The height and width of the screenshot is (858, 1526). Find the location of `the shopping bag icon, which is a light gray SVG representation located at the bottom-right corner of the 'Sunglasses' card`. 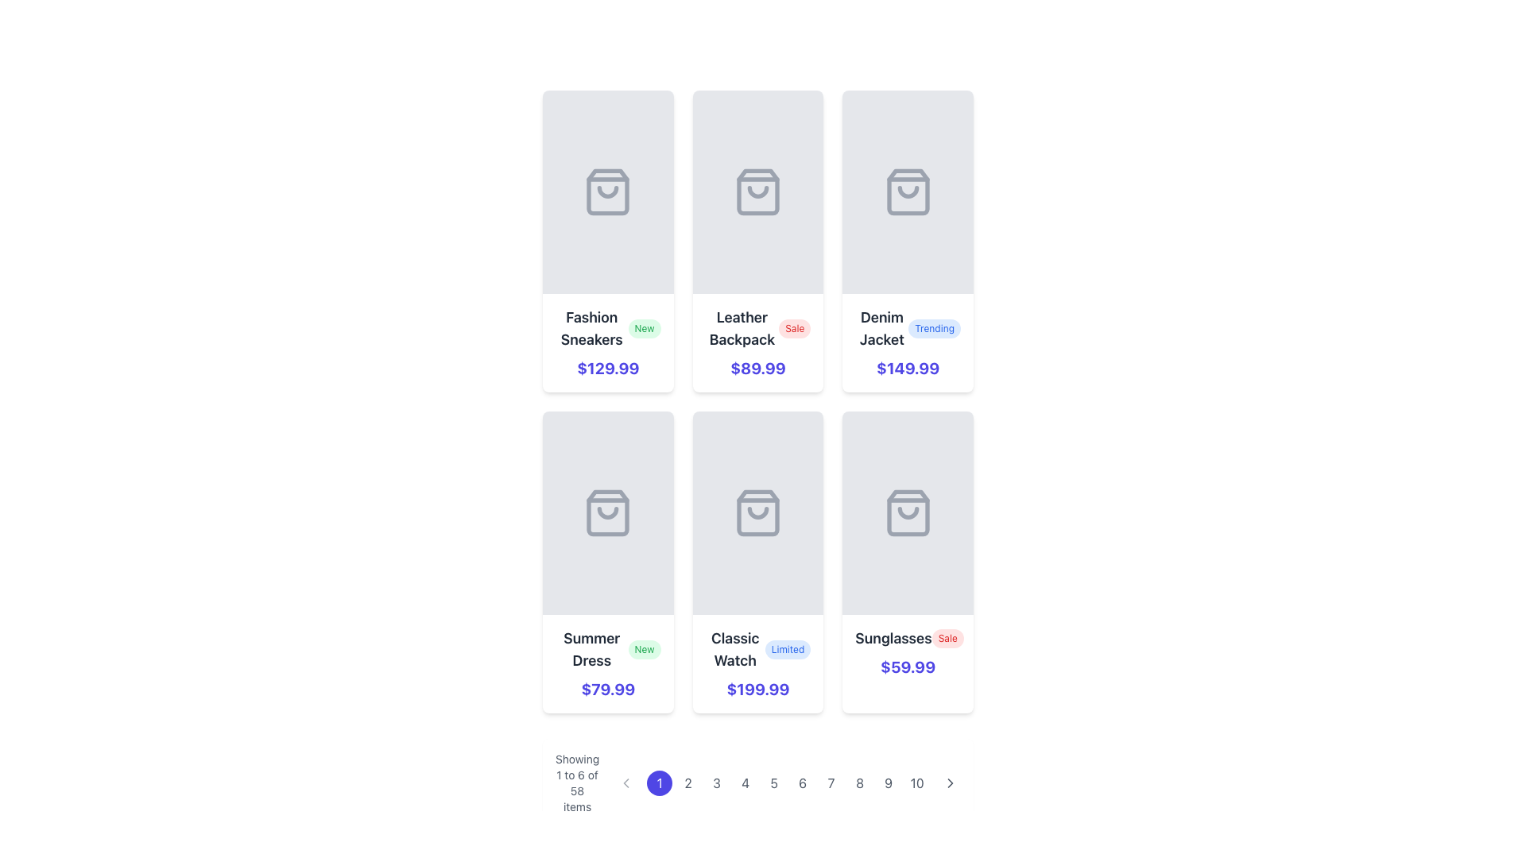

the shopping bag icon, which is a light gray SVG representation located at the bottom-right corner of the 'Sunglasses' card is located at coordinates (908, 512).